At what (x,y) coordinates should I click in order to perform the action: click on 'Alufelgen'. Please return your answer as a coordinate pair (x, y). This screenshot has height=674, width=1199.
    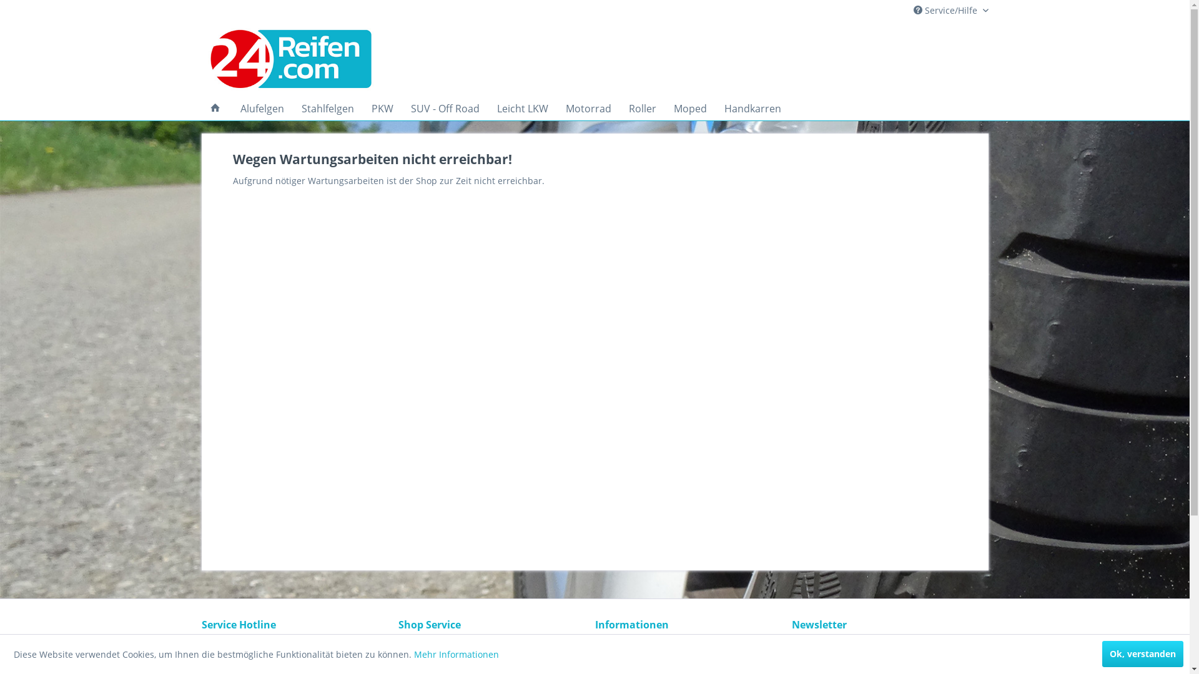
    Looking at the image, I should click on (260, 107).